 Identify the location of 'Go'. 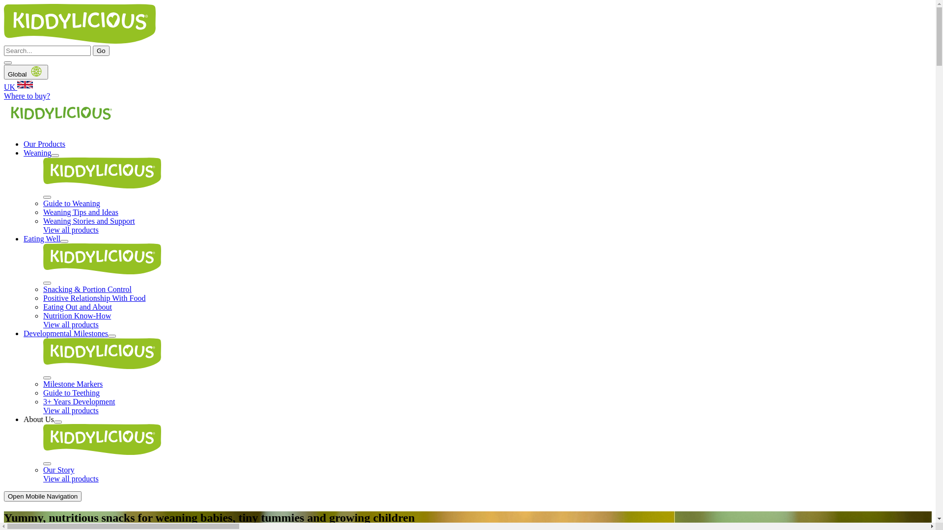
(101, 51).